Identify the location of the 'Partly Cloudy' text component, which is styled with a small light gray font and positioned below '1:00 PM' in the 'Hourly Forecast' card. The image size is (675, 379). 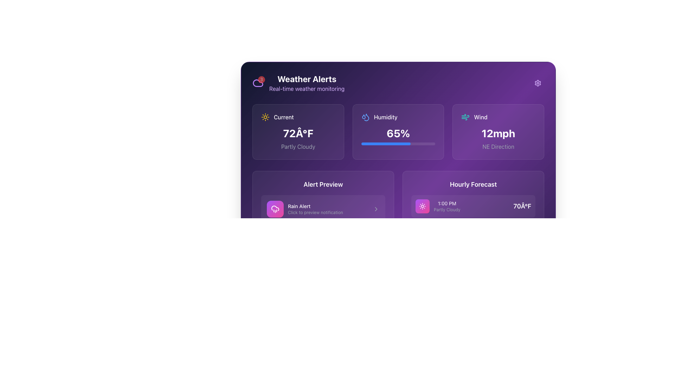
(446, 209).